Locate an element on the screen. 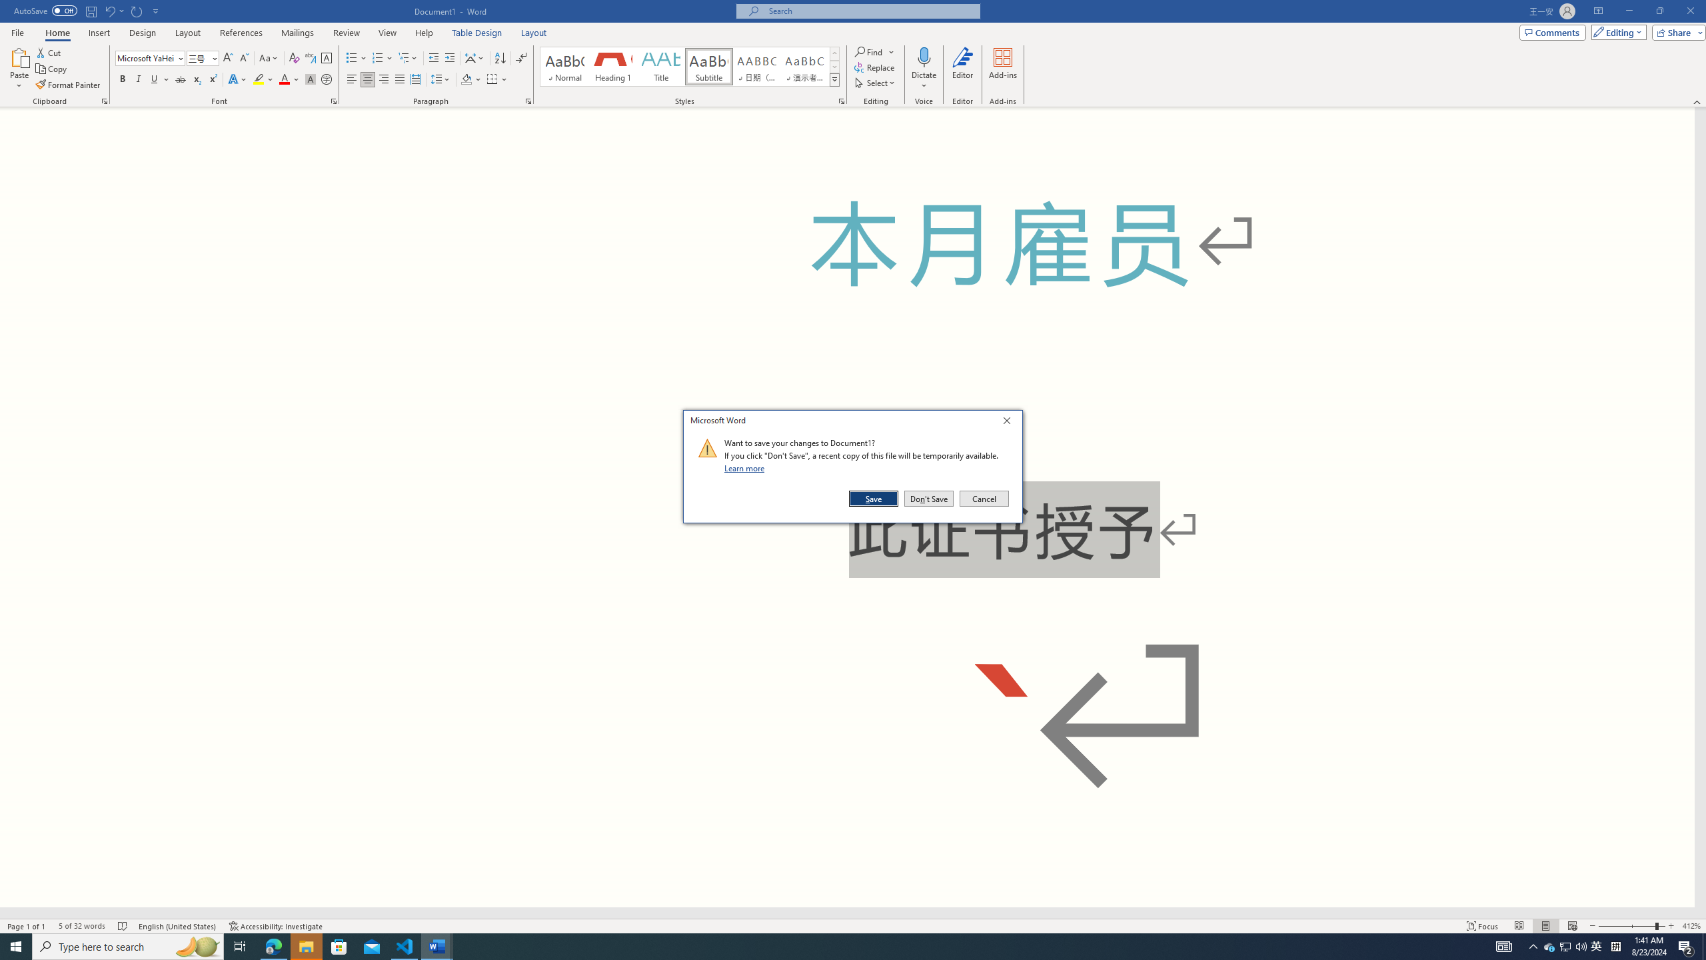 This screenshot has width=1706, height=960. 'Microsoft Edge - 1 running window' is located at coordinates (273, 945).